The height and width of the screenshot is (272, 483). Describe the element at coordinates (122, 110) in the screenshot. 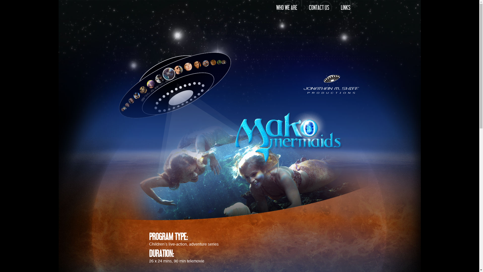

I see `'Horace & Tina'` at that location.